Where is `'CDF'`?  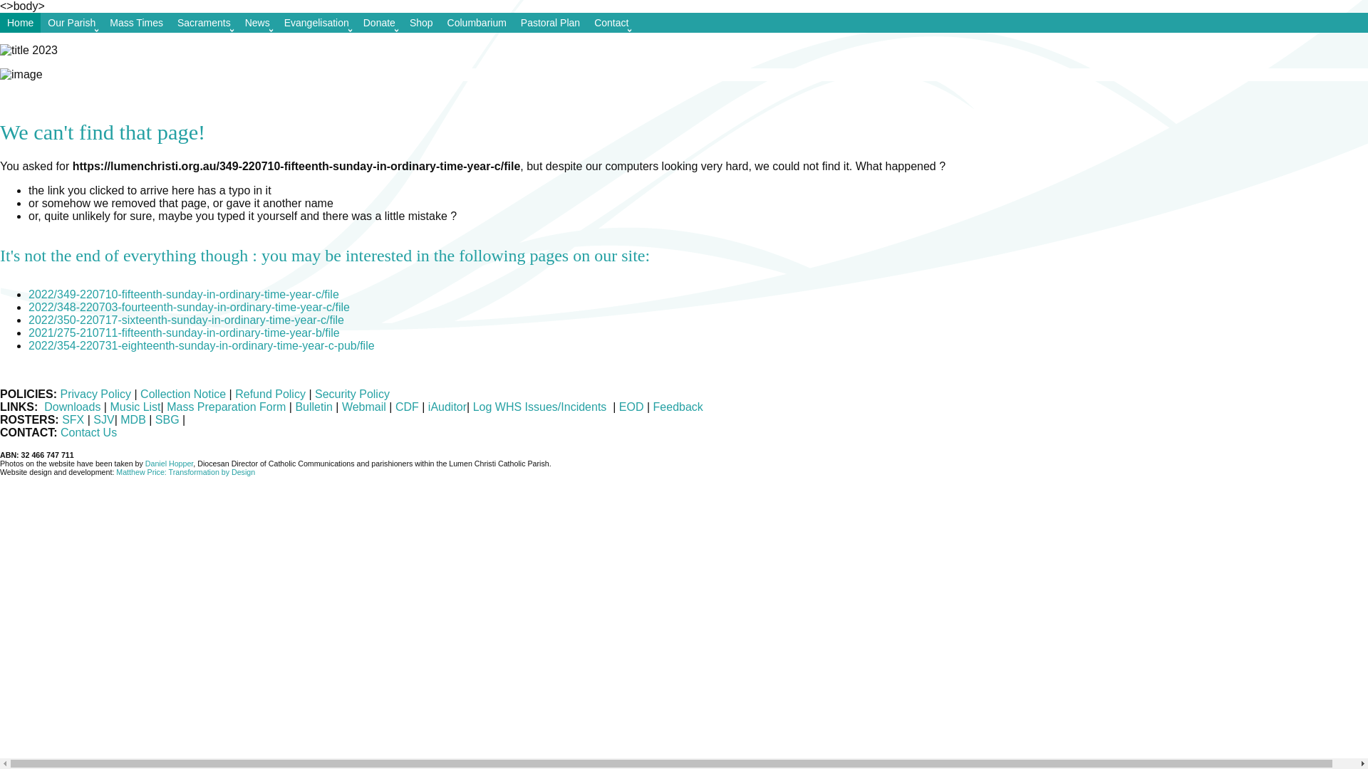 'CDF' is located at coordinates (406, 407).